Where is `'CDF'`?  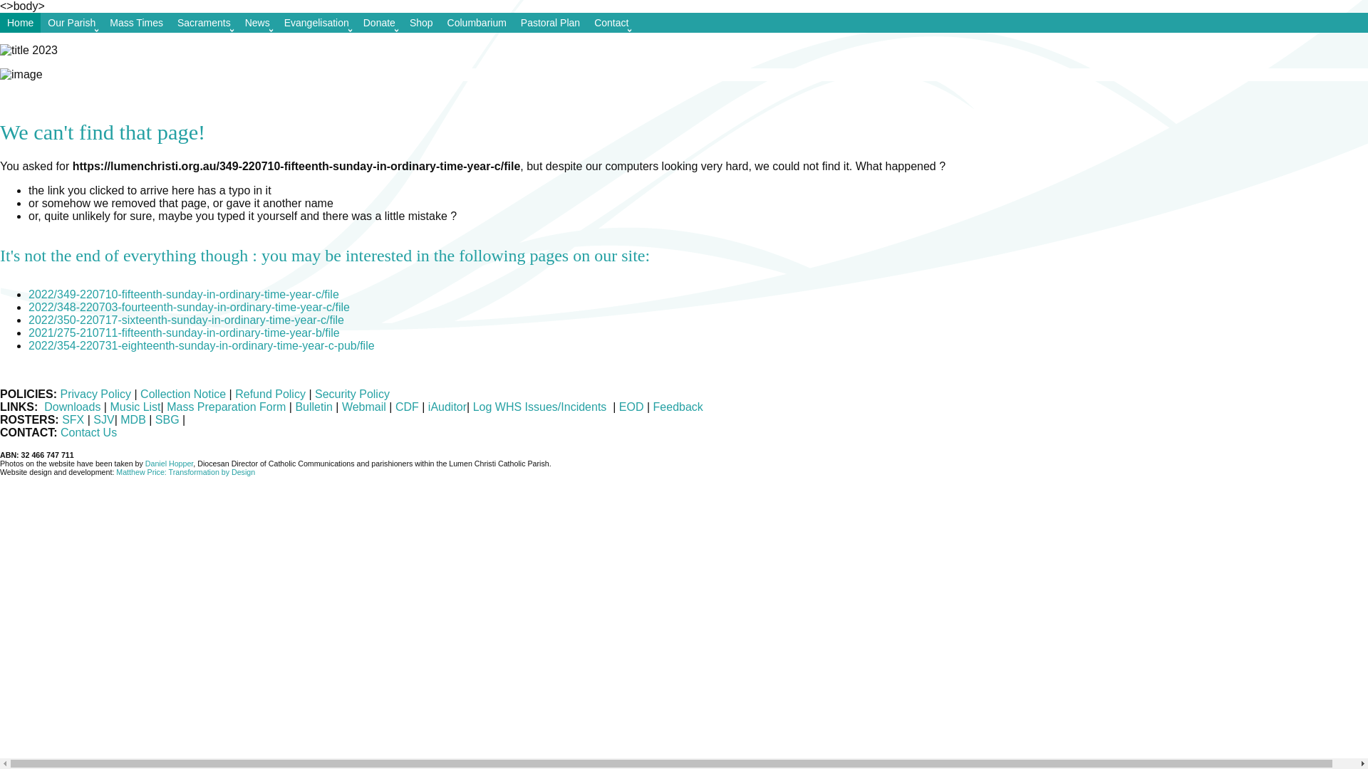 'CDF' is located at coordinates (406, 407).